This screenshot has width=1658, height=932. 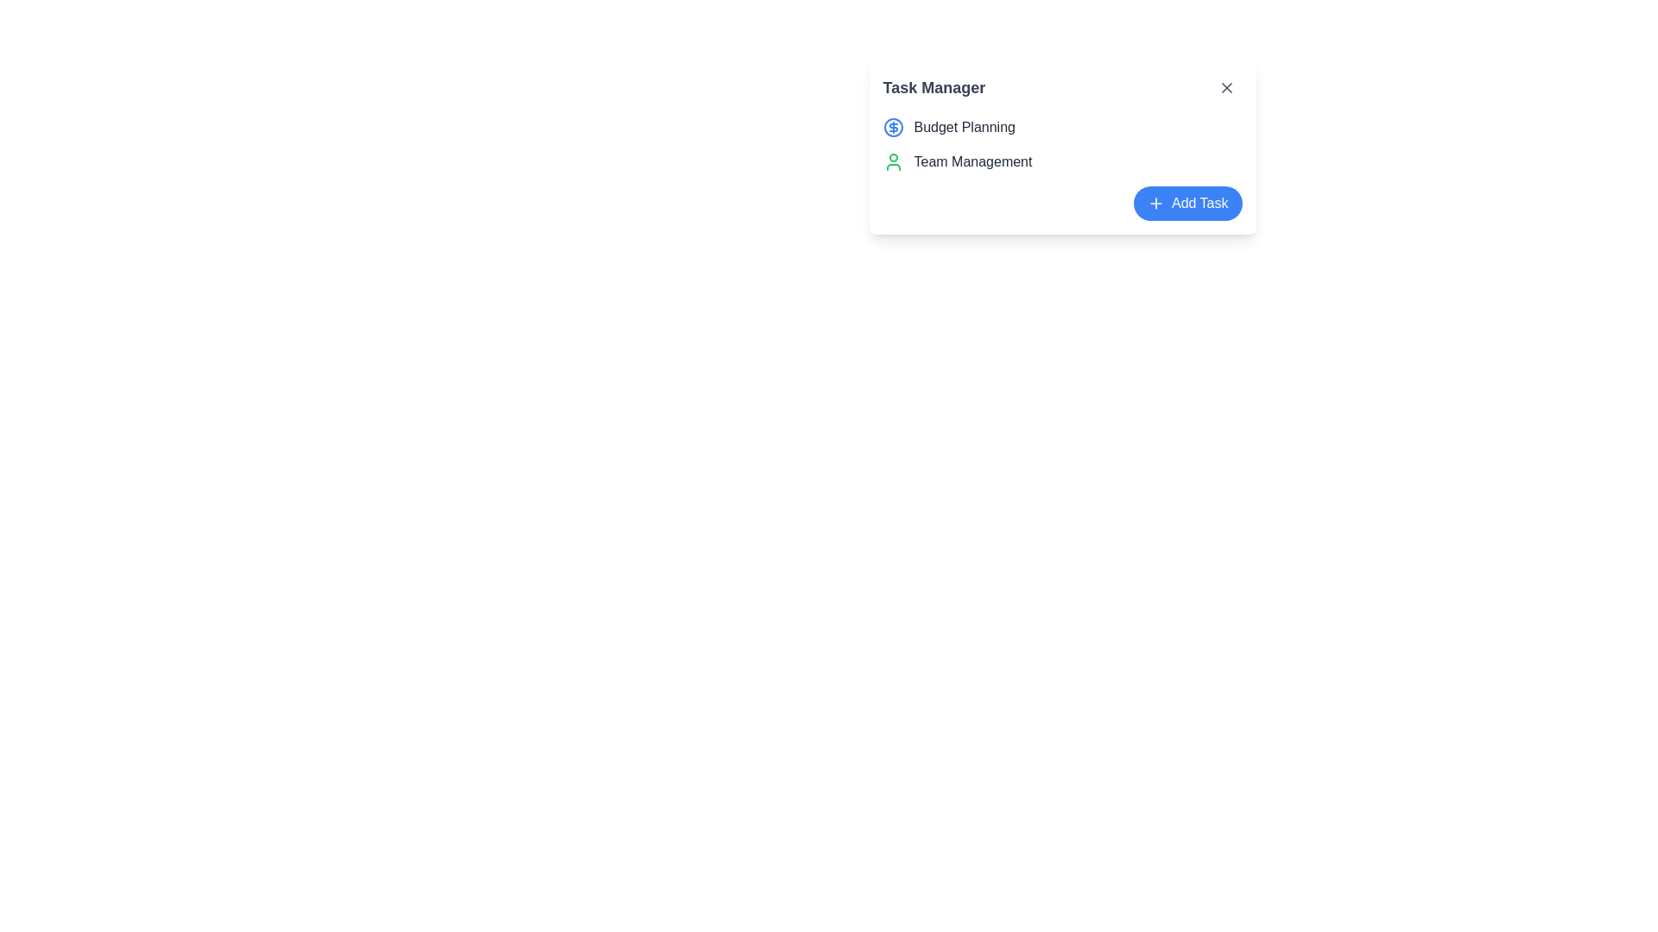 I want to click on the blue inner circle of the dollar sign icon located next to the 'Budget Planning' text in the task manager interface, so click(x=893, y=126).